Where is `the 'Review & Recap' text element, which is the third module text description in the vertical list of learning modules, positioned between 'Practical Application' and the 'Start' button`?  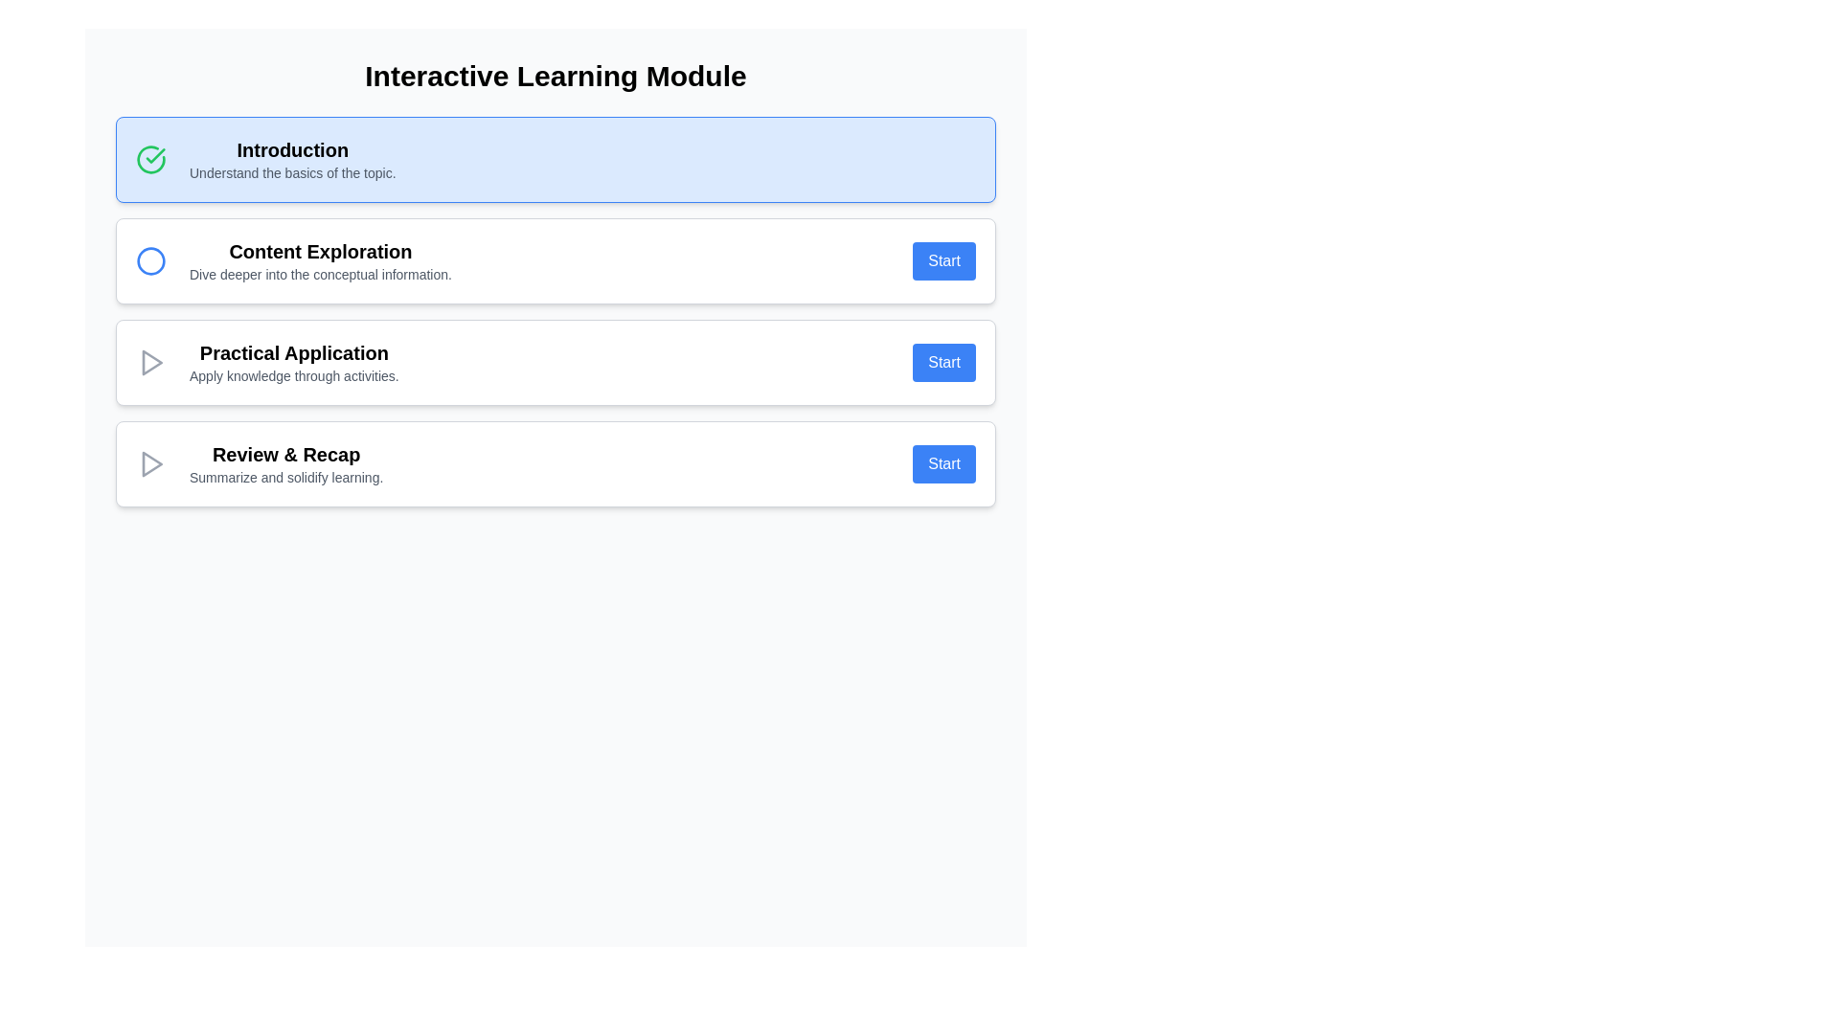 the 'Review & Recap' text element, which is the third module text description in the vertical list of learning modules, positioned between 'Practical Application' and the 'Start' button is located at coordinates (285, 464).